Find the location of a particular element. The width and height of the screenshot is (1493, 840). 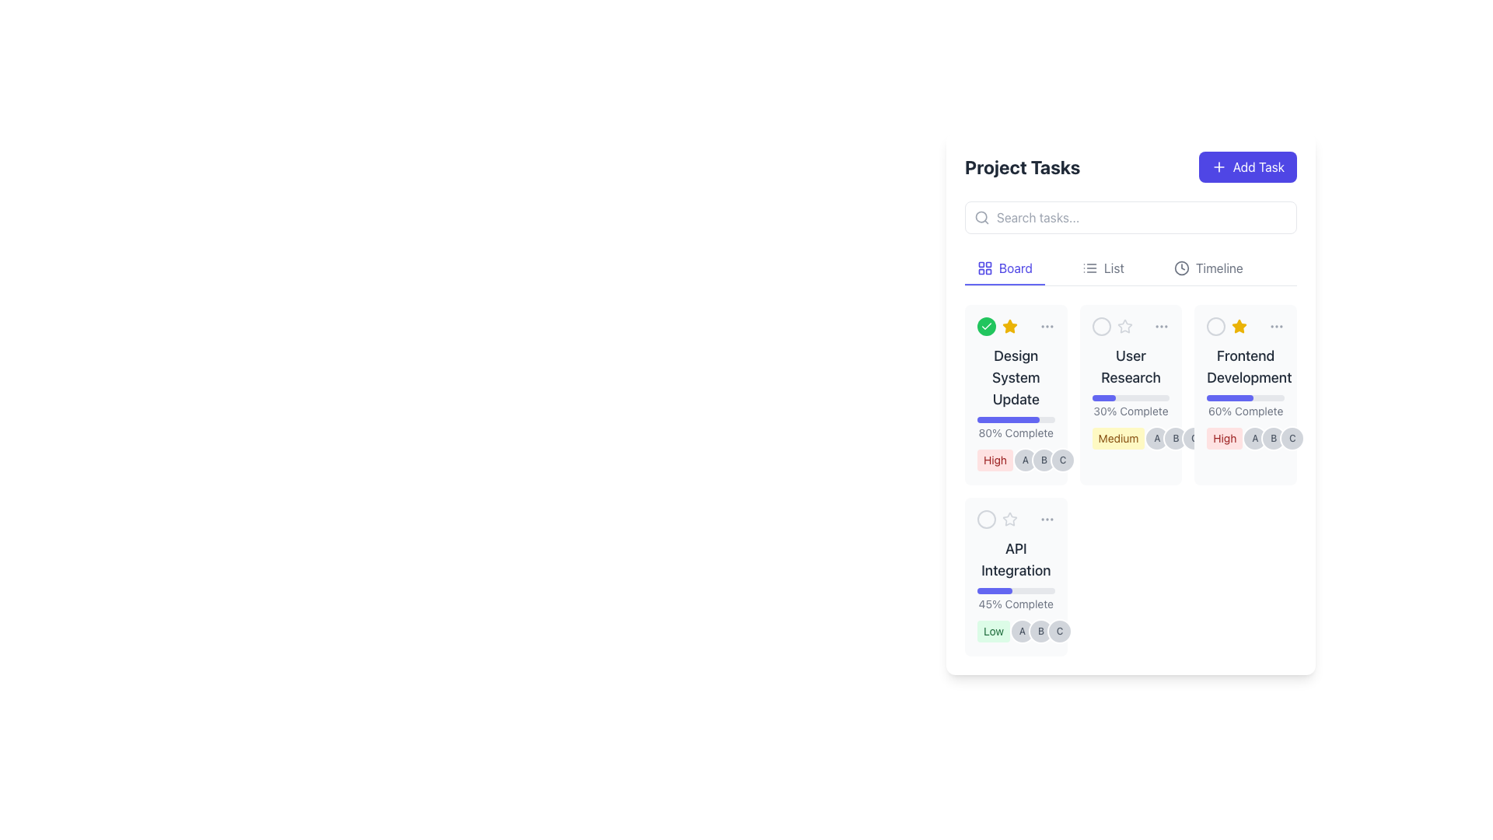

the 'High' priority label inside the 'Design System Update' card in the 'Project Tasks' board, which has a light red background and red text is located at coordinates (995, 459).